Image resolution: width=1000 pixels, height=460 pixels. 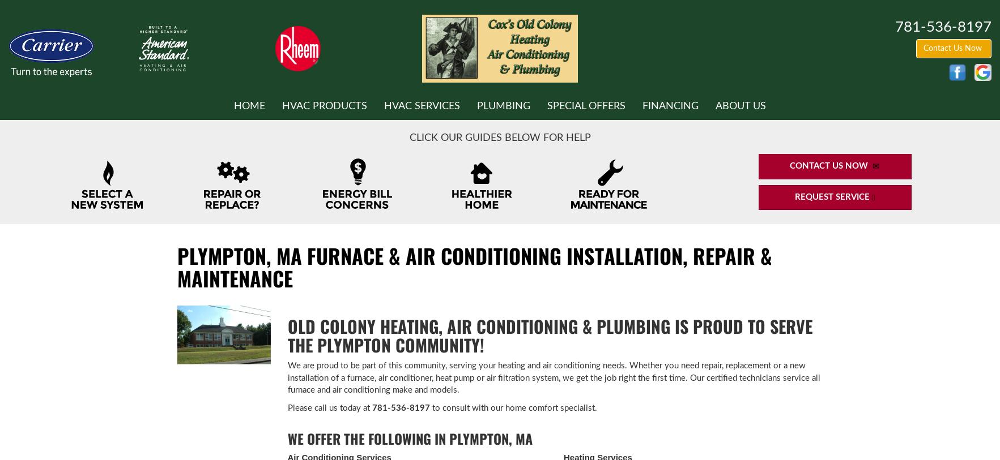 What do you see at coordinates (233, 105) in the screenshot?
I see `'Home'` at bounding box center [233, 105].